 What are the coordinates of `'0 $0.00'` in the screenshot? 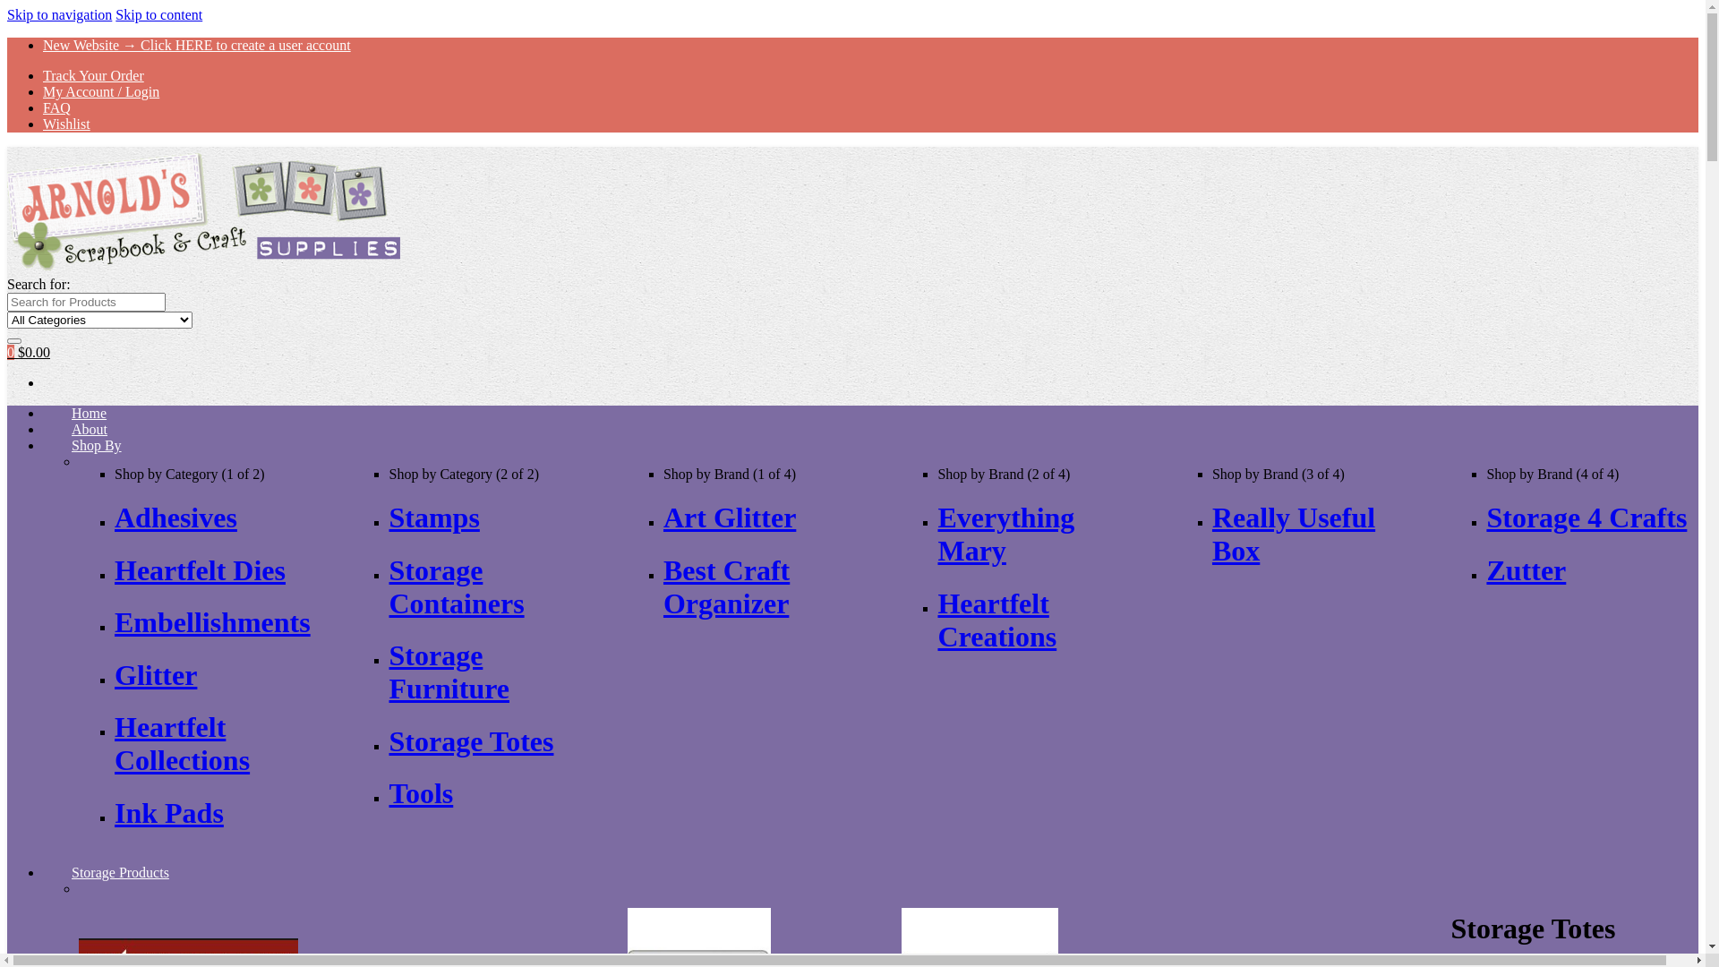 It's located at (29, 352).